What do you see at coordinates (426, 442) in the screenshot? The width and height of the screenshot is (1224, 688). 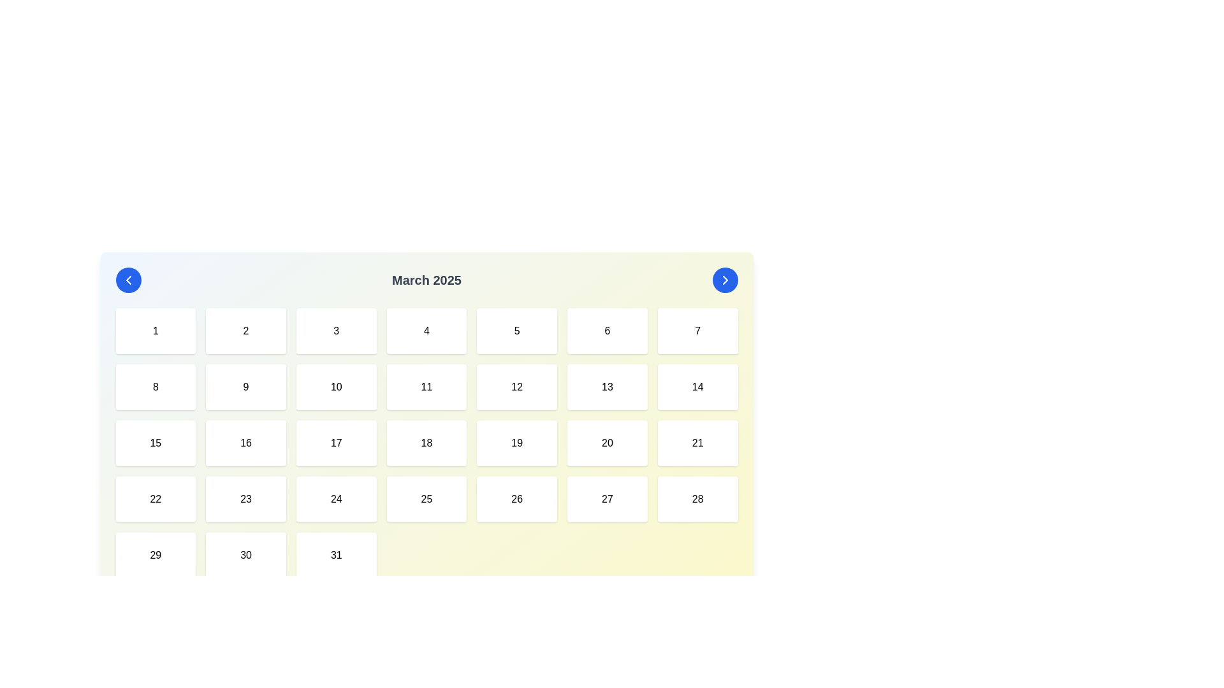 I see `the selectable day button representing the 18th day in the calendar grid` at bounding box center [426, 442].